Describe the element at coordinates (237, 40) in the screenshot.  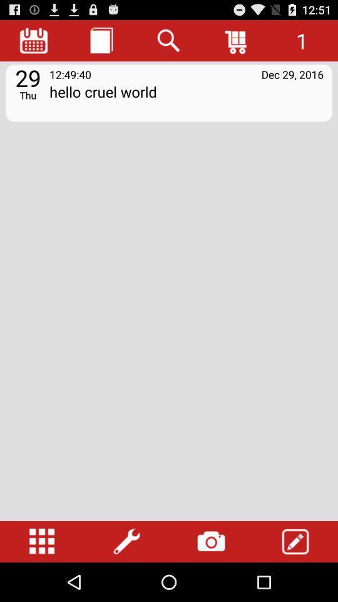
I see `cart` at that location.